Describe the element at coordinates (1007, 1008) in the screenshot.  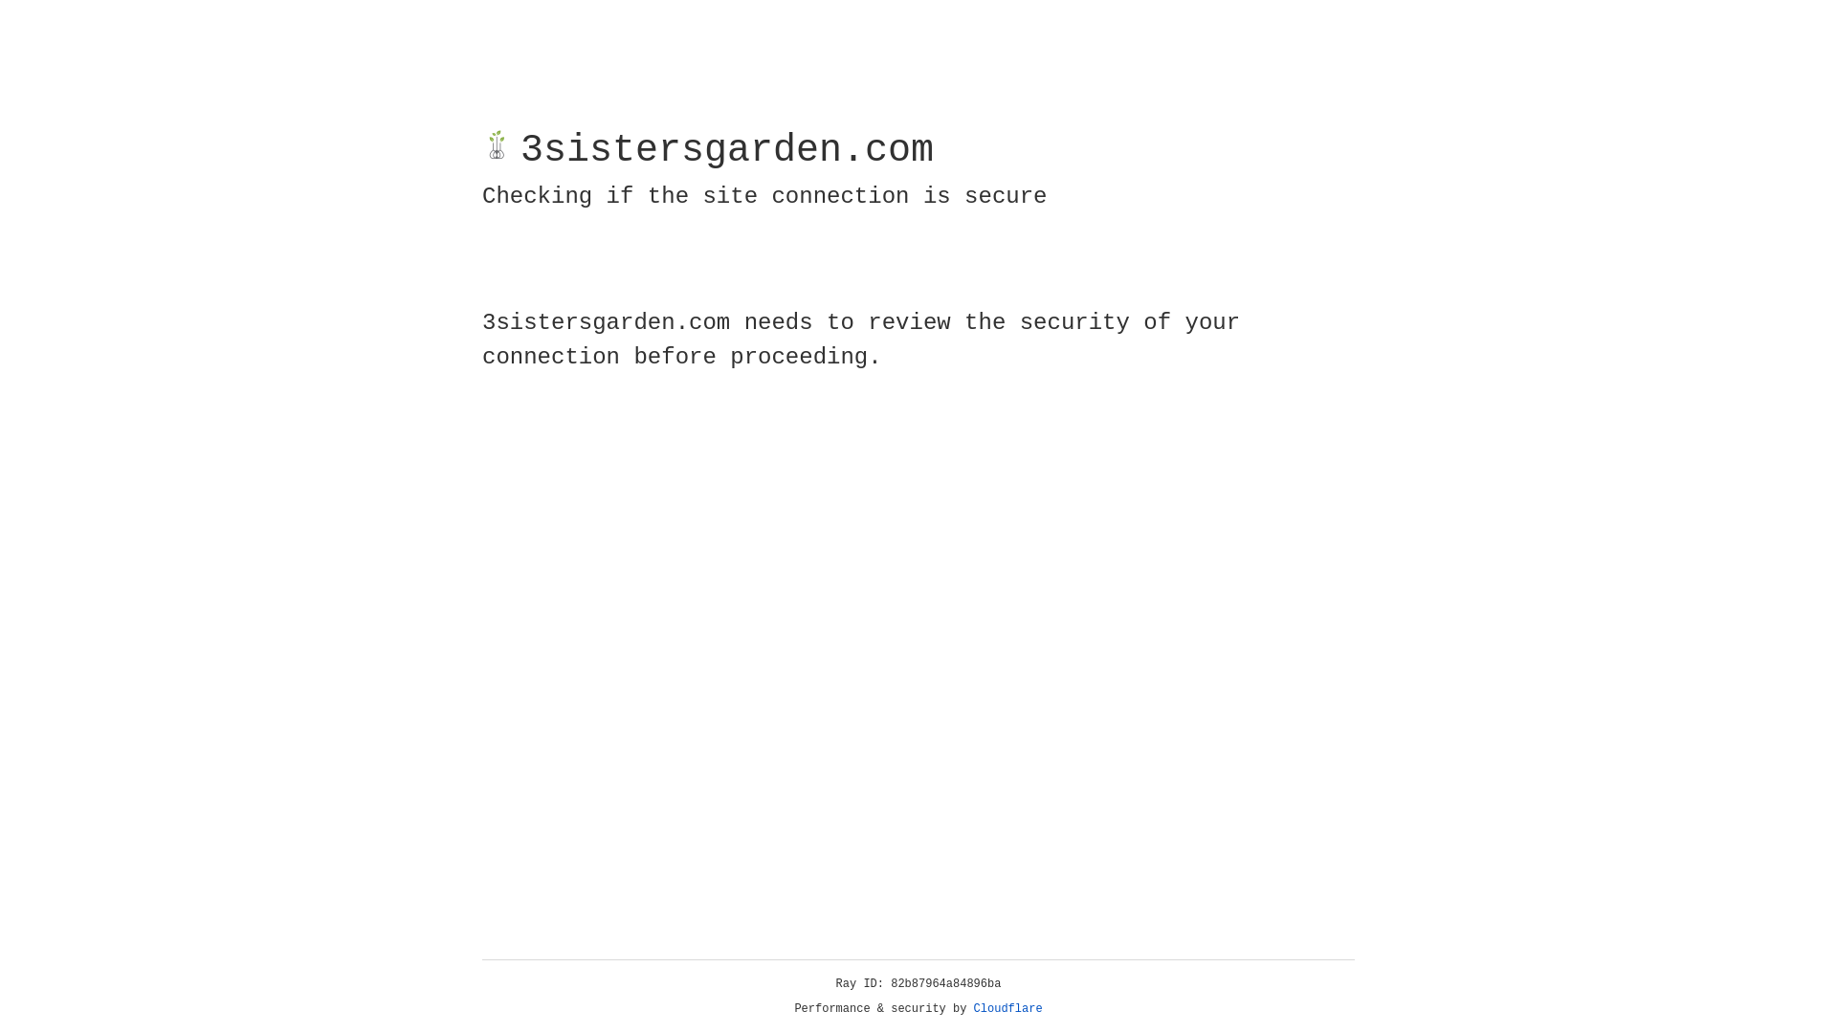
I see `'Cloudflare'` at that location.